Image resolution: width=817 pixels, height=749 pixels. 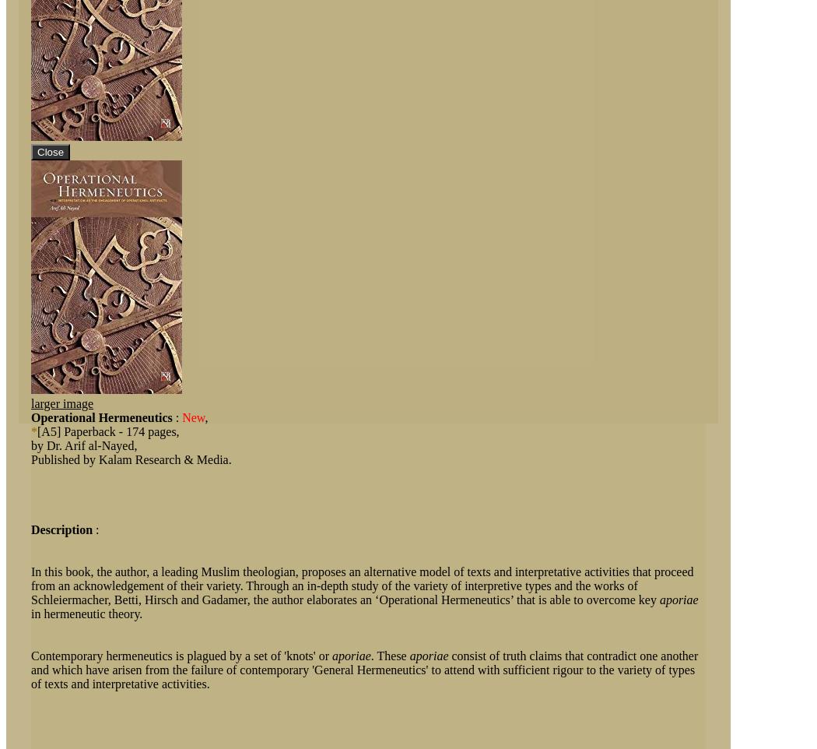 I want to click on 'New', so click(x=193, y=417).